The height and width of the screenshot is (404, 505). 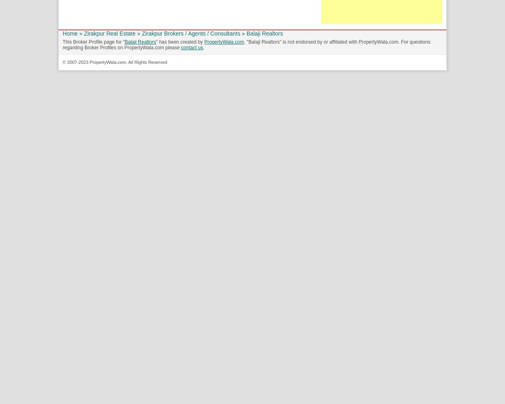 I want to click on 'Home', so click(x=70, y=33).